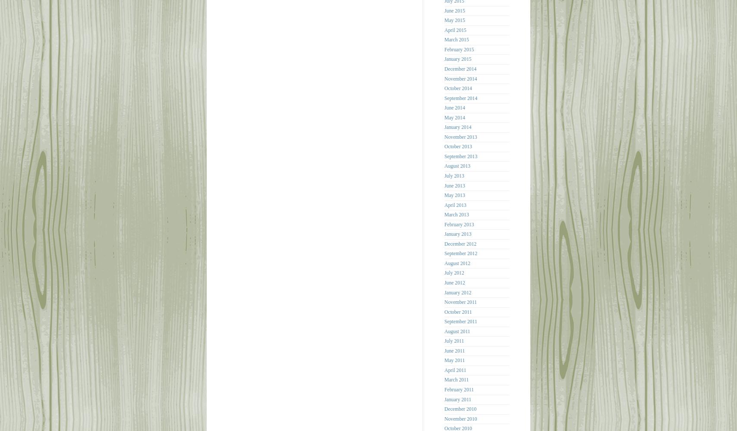 This screenshot has height=431, width=737. What do you see at coordinates (444, 49) in the screenshot?
I see `'February 2015'` at bounding box center [444, 49].